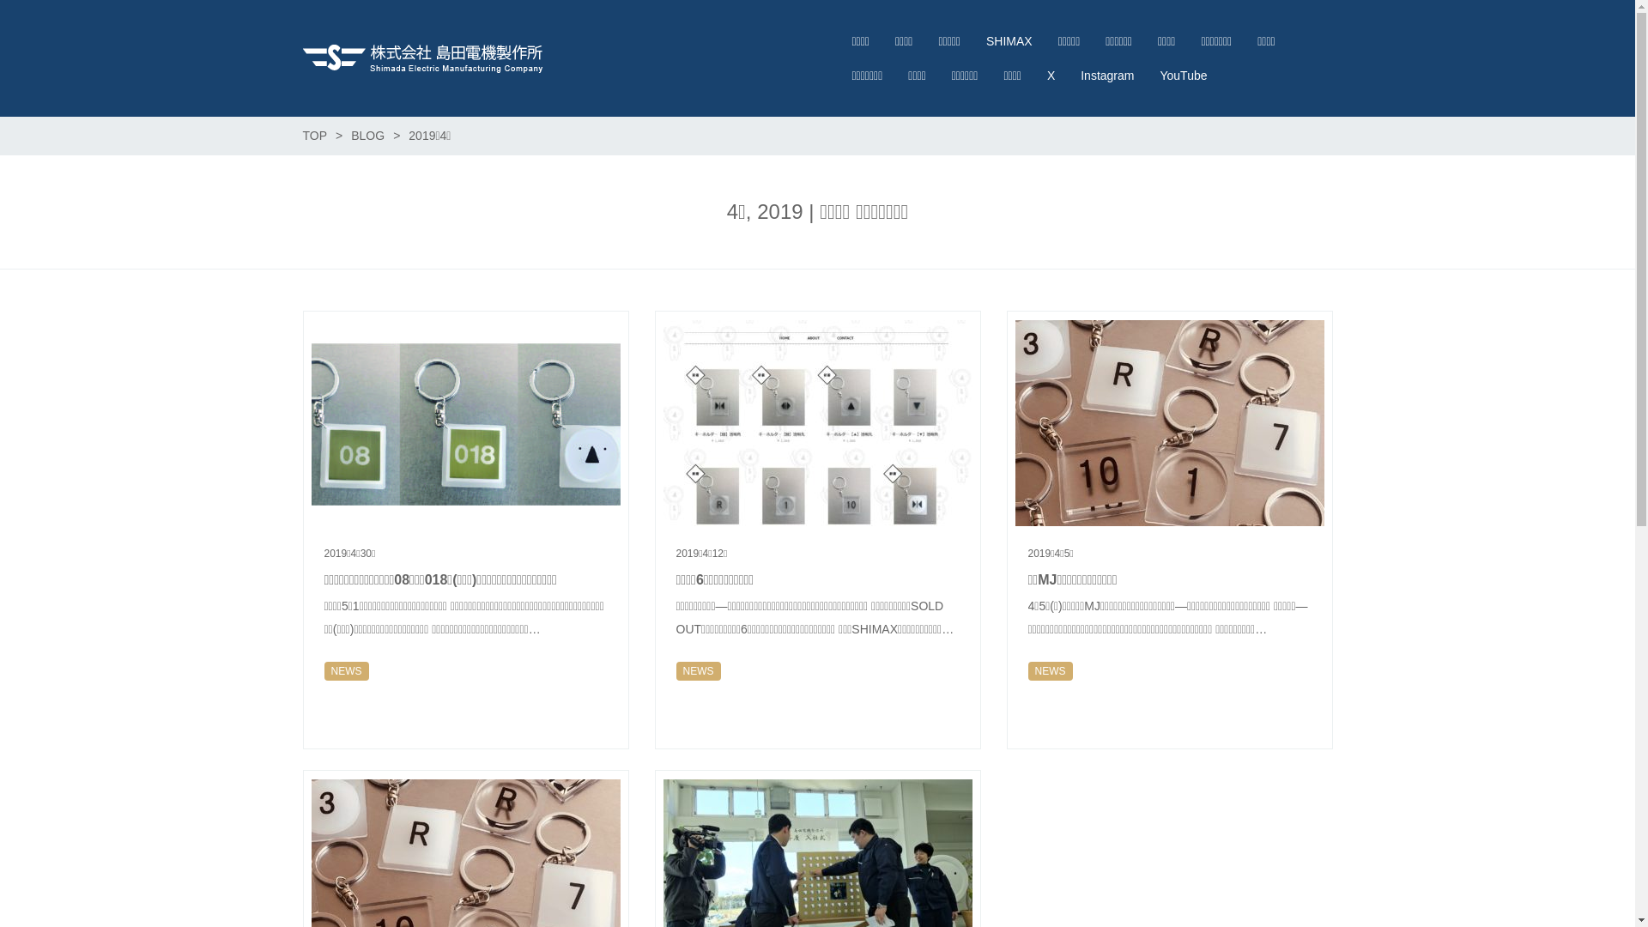 This screenshot has height=927, width=1648. What do you see at coordinates (1050, 75) in the screenshot?
I see `'X'` at bounding box center [1050, 75].